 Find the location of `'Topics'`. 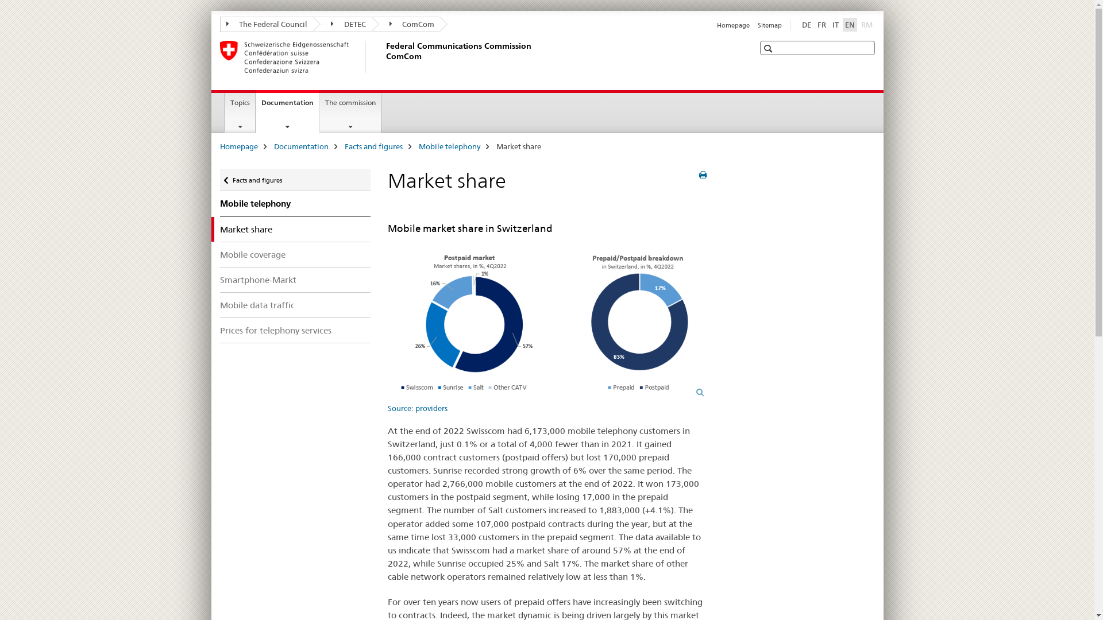

'Topics' is located at coordinates (225, 113).